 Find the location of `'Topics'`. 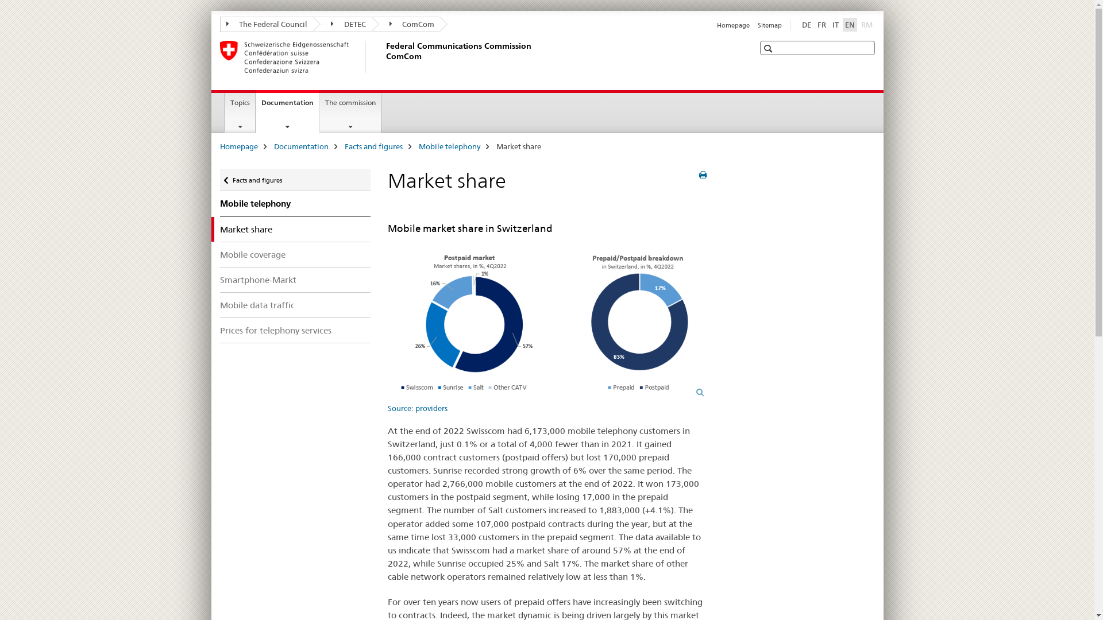

'Topics' is located at coordinates (225, 113).